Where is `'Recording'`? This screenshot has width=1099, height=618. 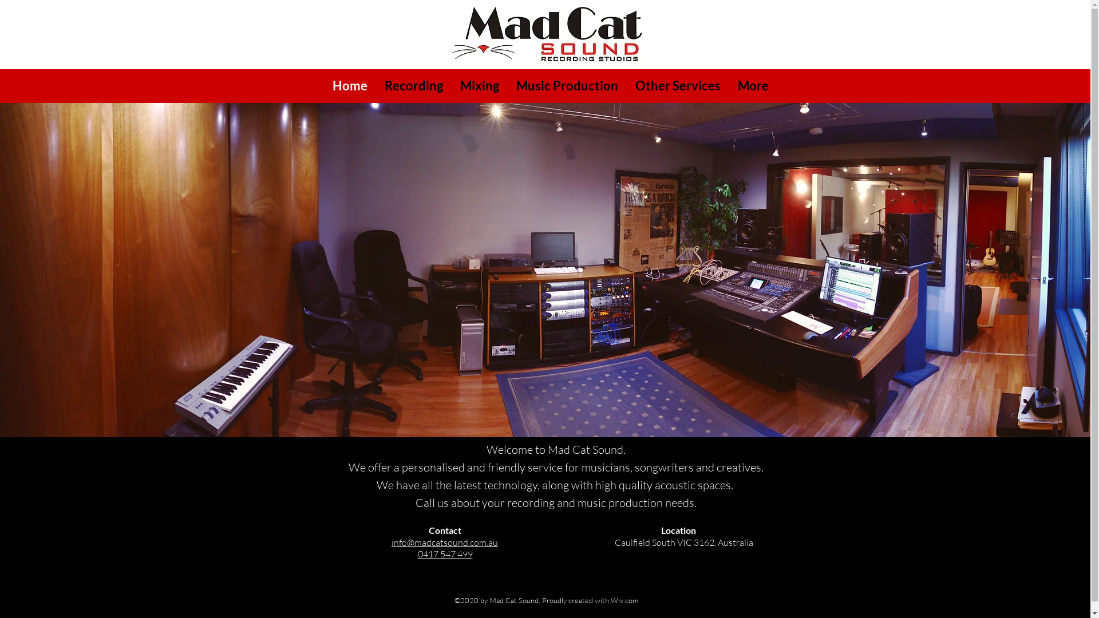 'Recording' is located at coordinates (412, 85).